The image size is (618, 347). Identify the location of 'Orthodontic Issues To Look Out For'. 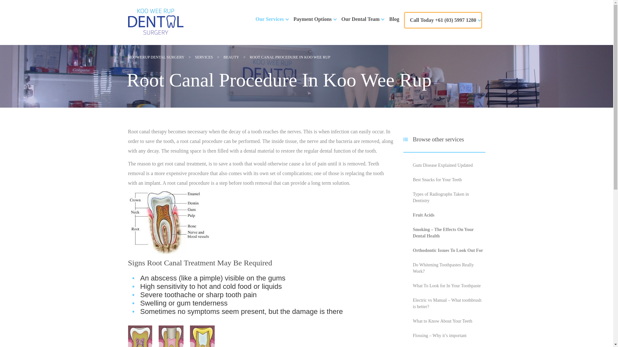
(447, 250).